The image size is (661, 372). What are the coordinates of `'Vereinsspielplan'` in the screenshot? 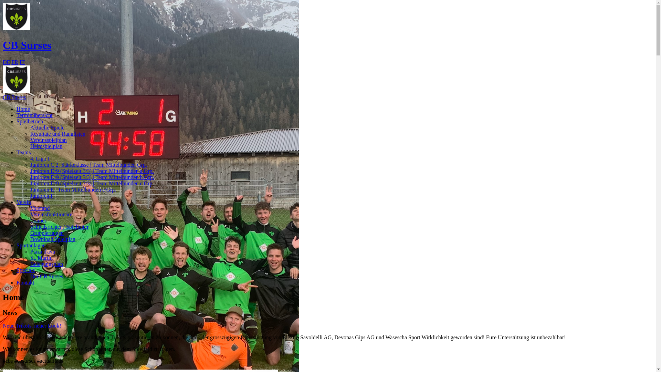 It's located at (48, 139).